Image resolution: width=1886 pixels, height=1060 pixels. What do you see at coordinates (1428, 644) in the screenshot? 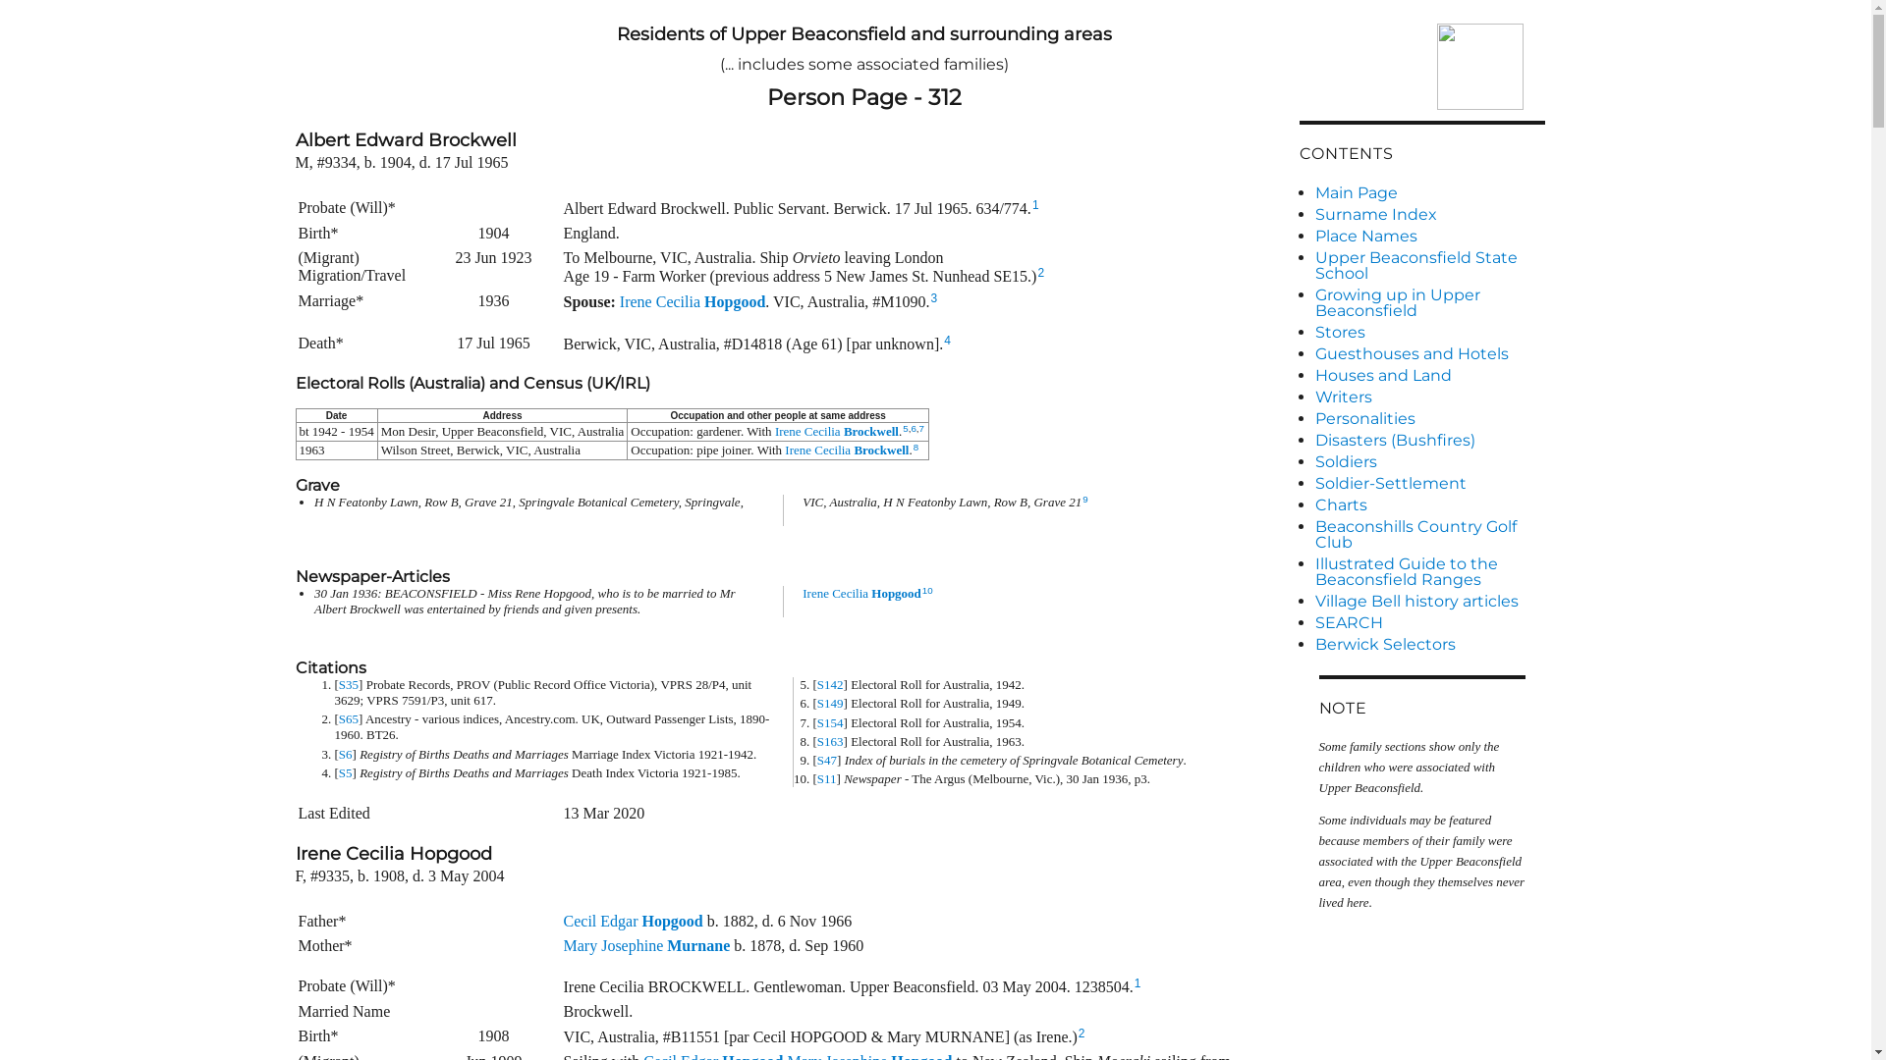
I see `'Berwick Selectors'` at bounding box center [1428, 644].